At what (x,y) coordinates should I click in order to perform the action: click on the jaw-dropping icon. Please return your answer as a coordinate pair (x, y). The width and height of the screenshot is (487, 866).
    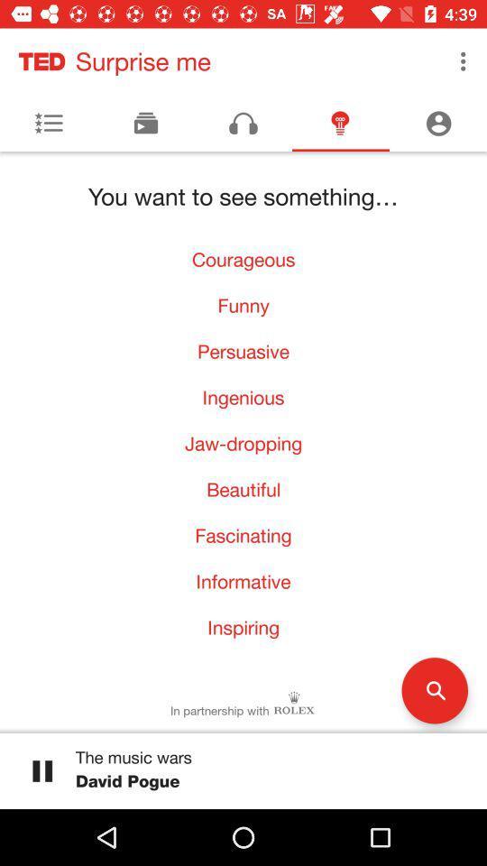
    Looking at the image, I should click on (243, 442).